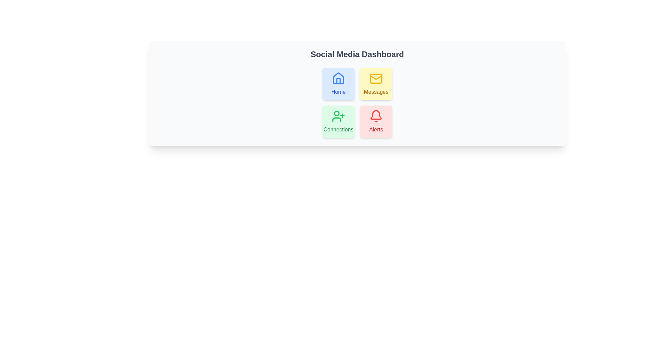 The height and width of the screenshot is (363, 646). What do you see at coordinates (376, 122) in the screenshot?
I see `the button with a red bell icon labeled 'Alerts' located in the bottom-right of the grid` at bounding box center [376, 122].